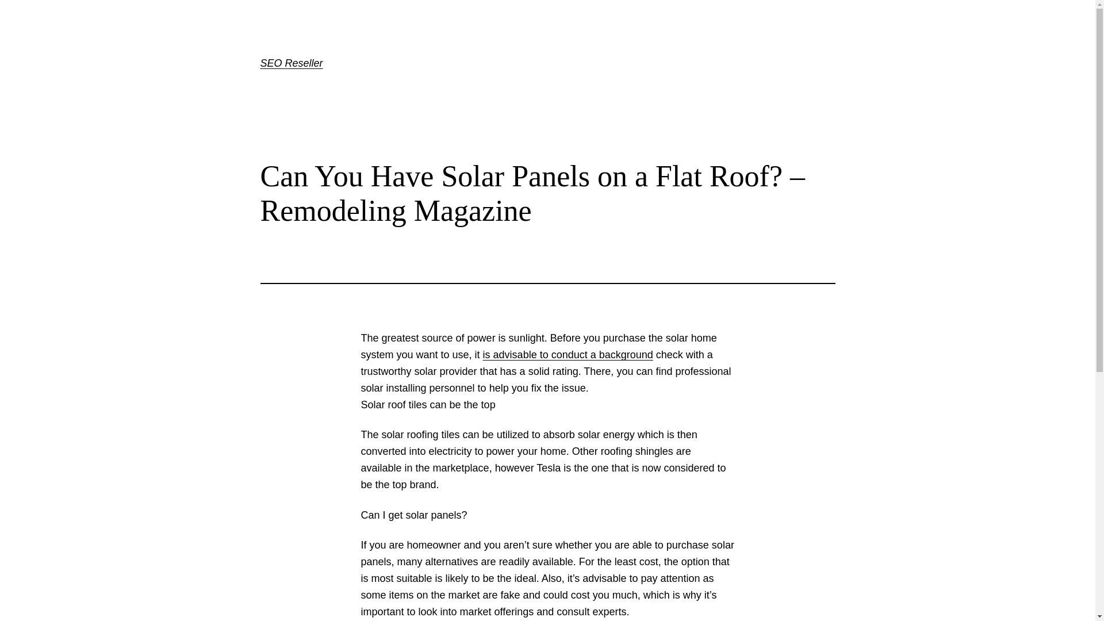 This screenshot has width=1104, height=621. I want to click on 'is advisable to conduct a background', so click(568, 354).